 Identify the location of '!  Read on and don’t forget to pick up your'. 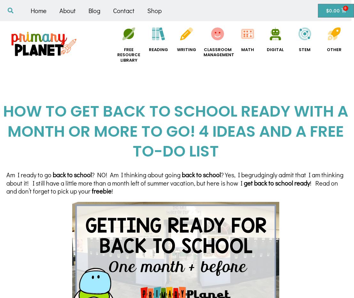
(6, 187).